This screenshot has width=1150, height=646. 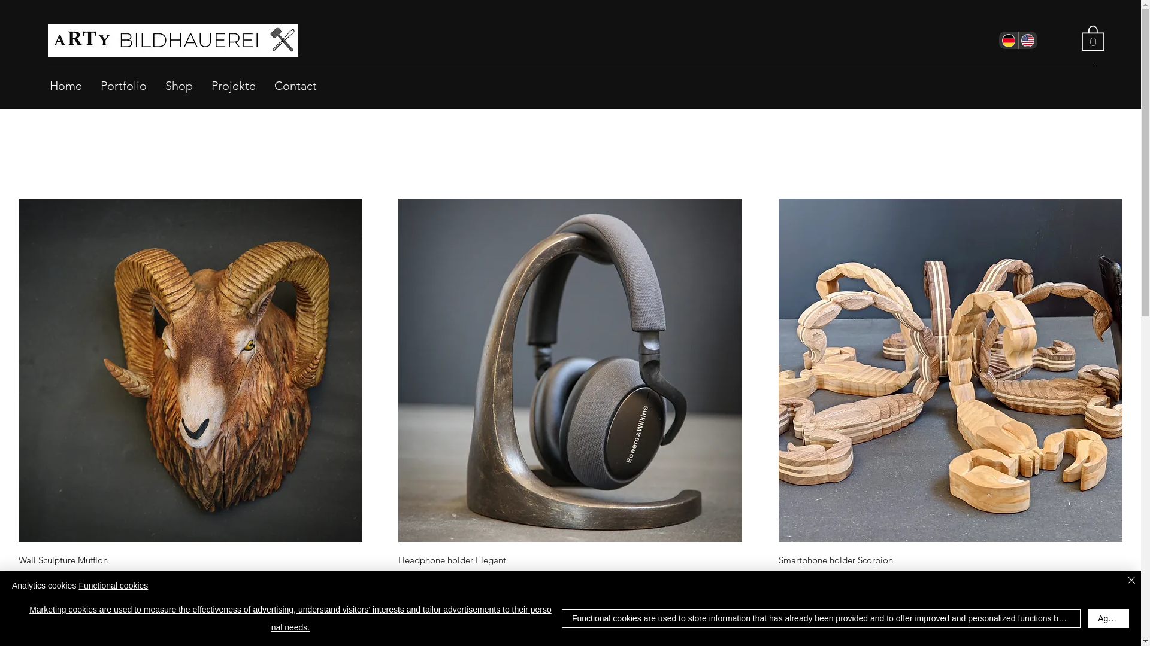 I want to click on 'Home', so click(x=65, y=84).